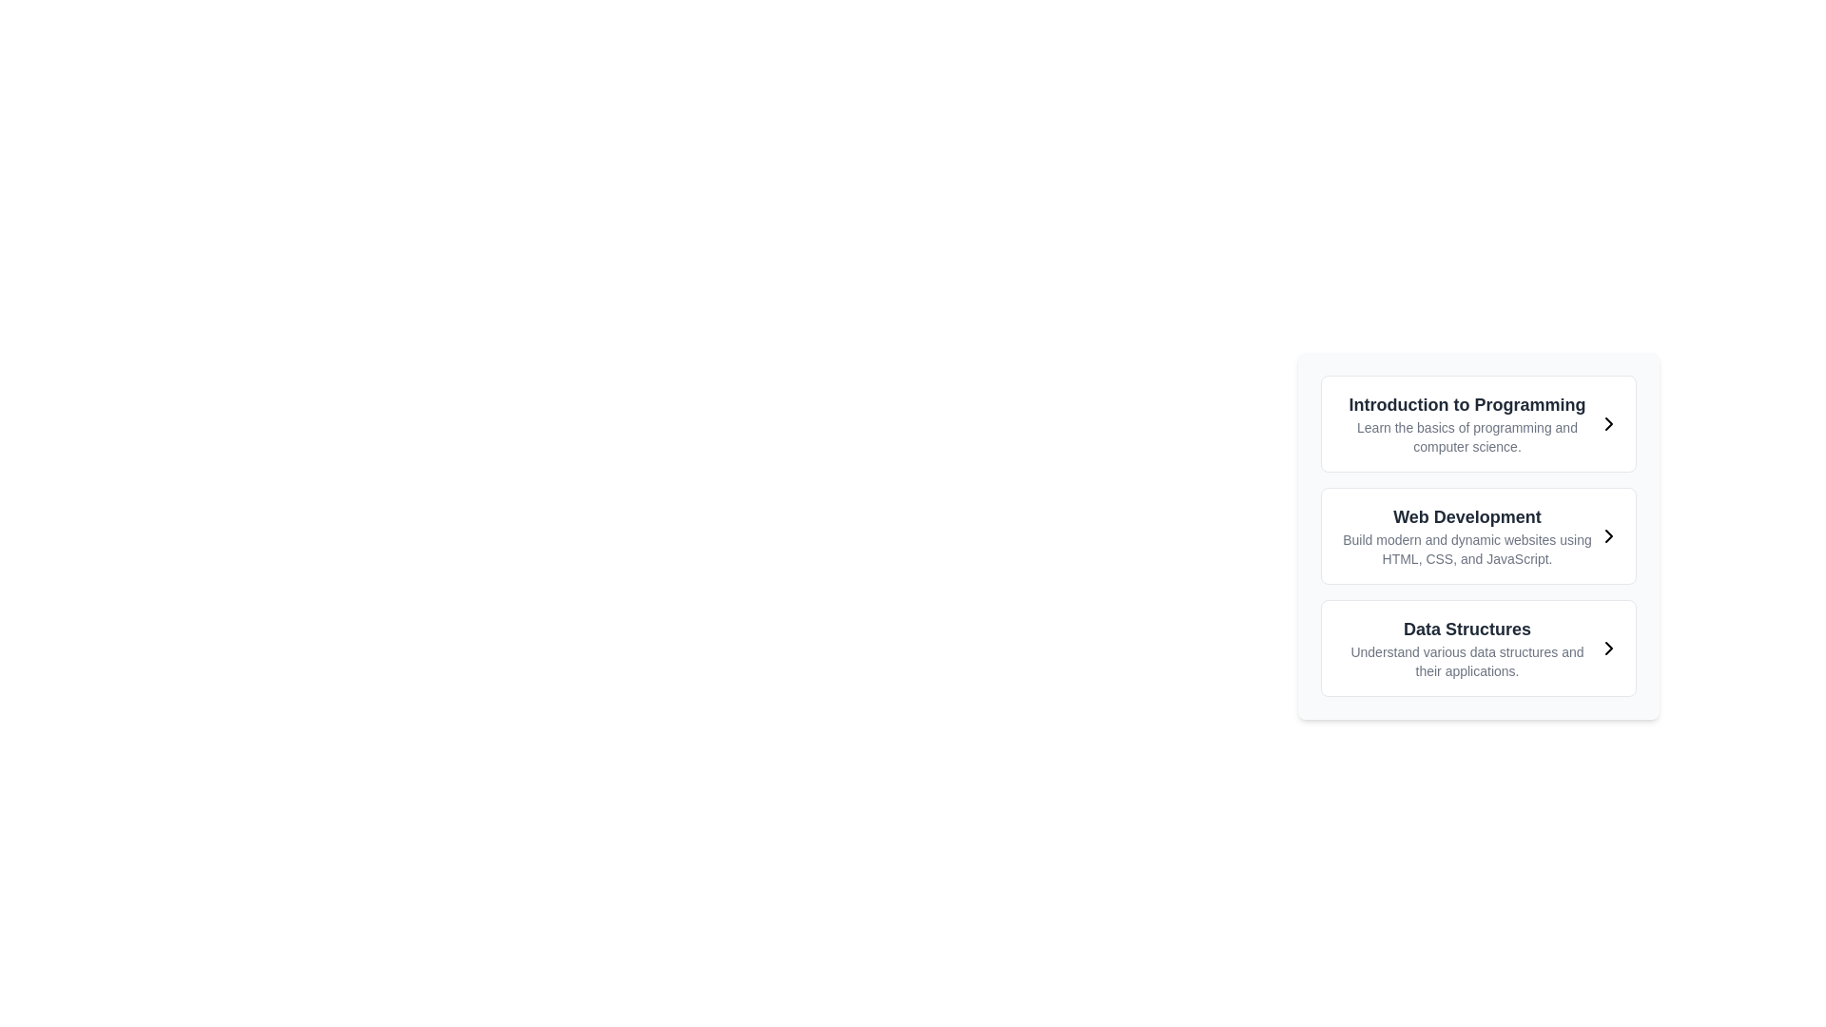  What do you see at coordinates (1466, 535) in the screenshot?
I see `the second informational item in the vertical list, which provides an overview of 'Web Development'` at bounding box center [1466, 535].